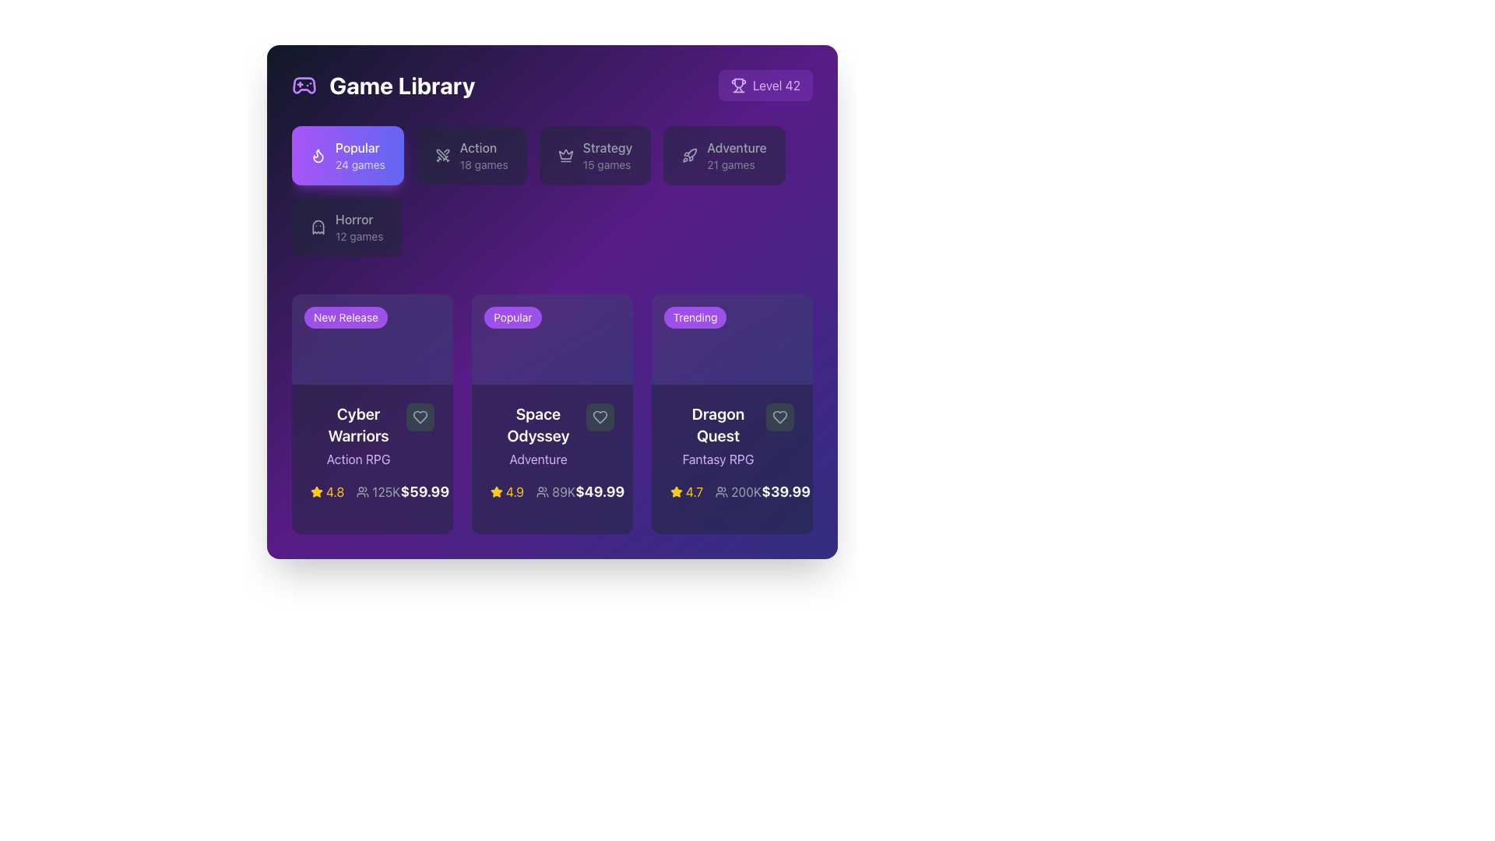 Image resolution: width=1495 pixels, height=841 pixels. Describe the element at coordinates (357, 459) in the screenshot. I see `the static text label that describes the genre or category associated with the game 'Cyber Warriors', located underneath the title within the first game card in the game library grid` at that location.